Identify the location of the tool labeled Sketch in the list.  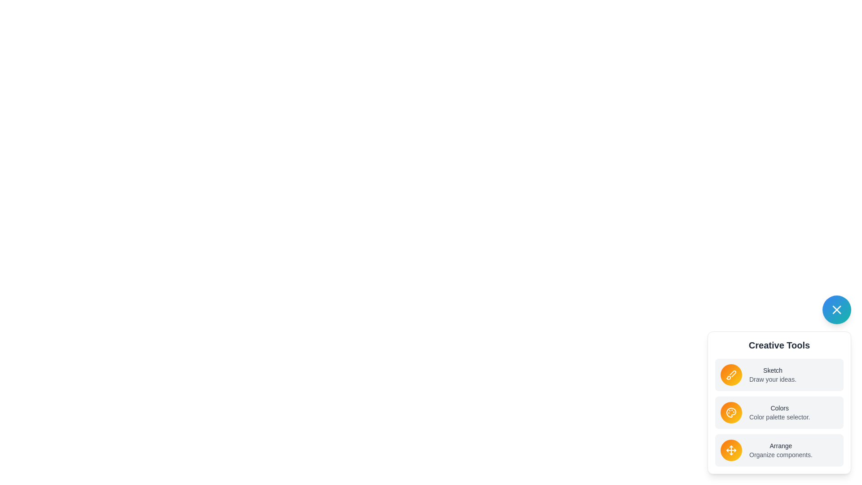
(779, 375).